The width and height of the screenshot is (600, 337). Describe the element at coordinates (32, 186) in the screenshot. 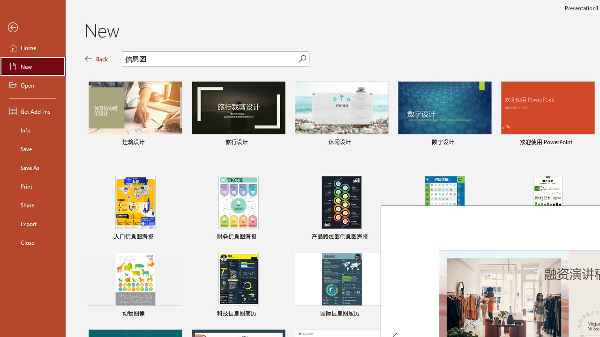

I see `'Print'` at that location.